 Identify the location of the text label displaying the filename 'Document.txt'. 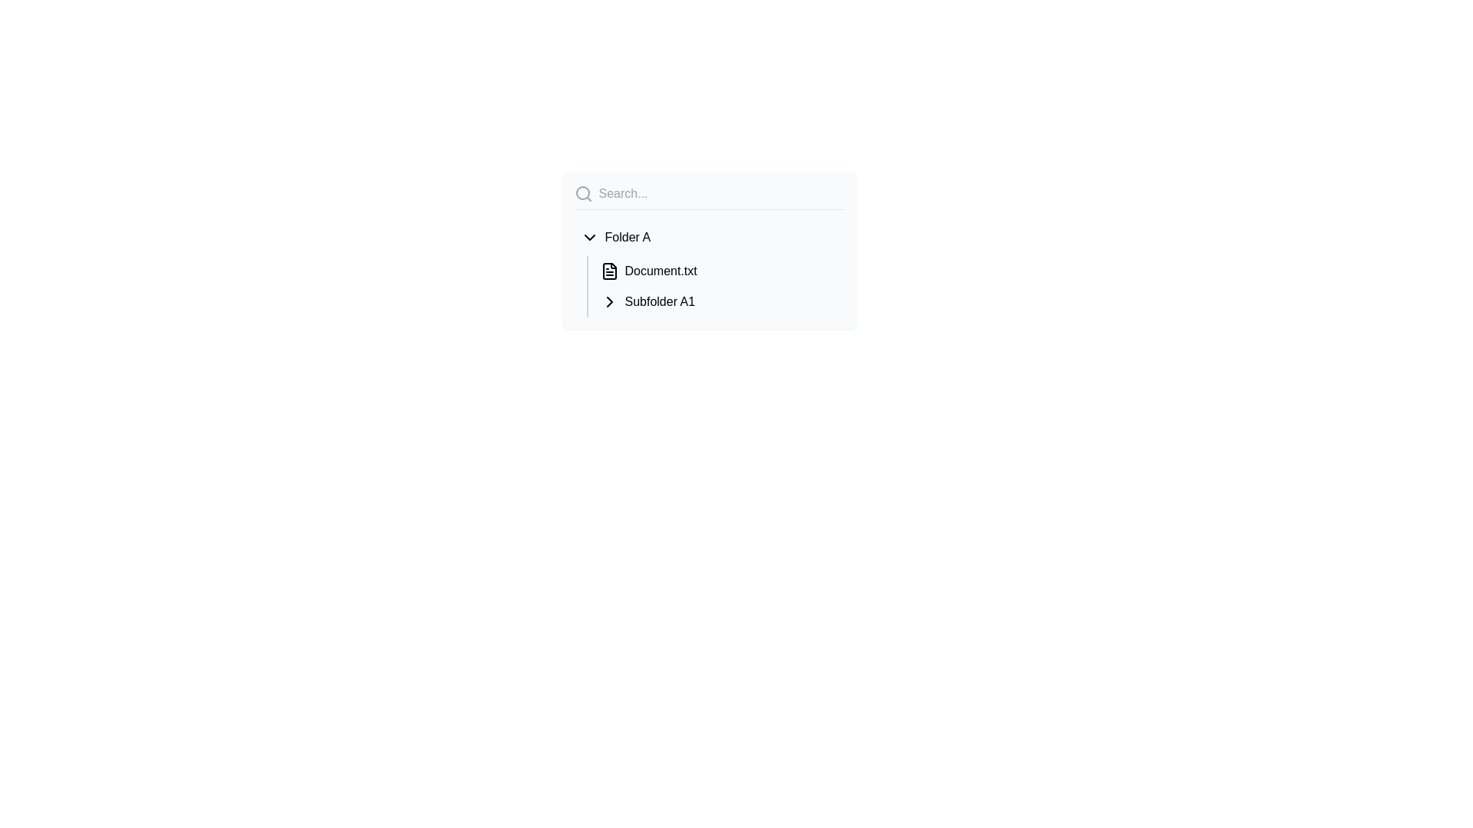
(661, 271).